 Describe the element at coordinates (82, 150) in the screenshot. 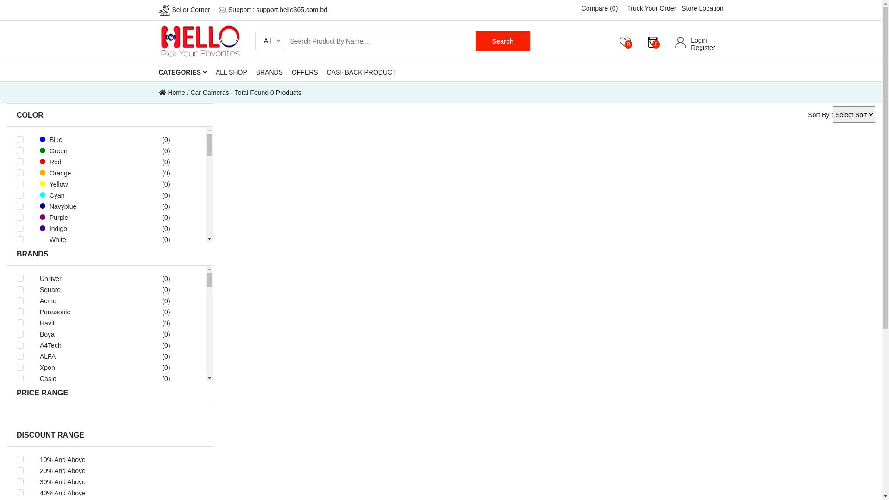

I see `'Green'` at that location.